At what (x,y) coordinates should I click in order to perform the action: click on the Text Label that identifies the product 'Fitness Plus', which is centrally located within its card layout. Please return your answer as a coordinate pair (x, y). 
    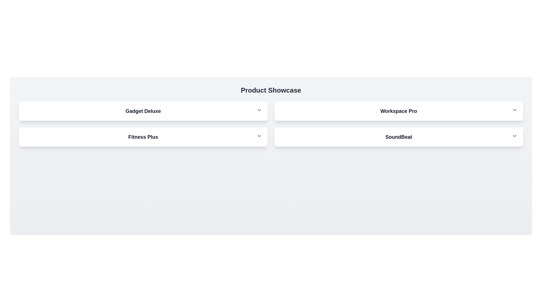
    Looking at the image, I should click on (143, 137).